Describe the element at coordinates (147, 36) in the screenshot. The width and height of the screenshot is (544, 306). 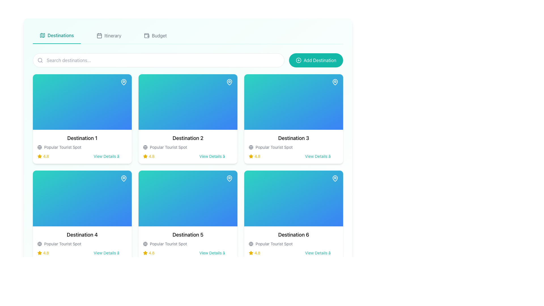
I see `the wallet icon in the navigation bar, which represents the budget-related feature associated with financial tracking or expense management` at that location.